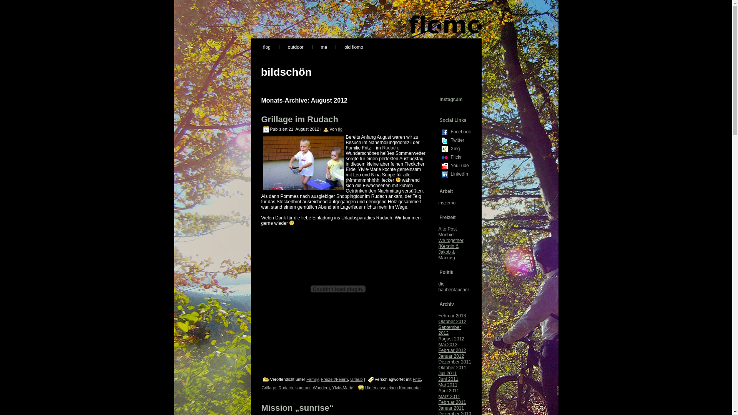 This screenshot has height=415, width=738. Describe the element at coordinates (451, 339) in the screenshot. I see `'August 2012'` at that location.